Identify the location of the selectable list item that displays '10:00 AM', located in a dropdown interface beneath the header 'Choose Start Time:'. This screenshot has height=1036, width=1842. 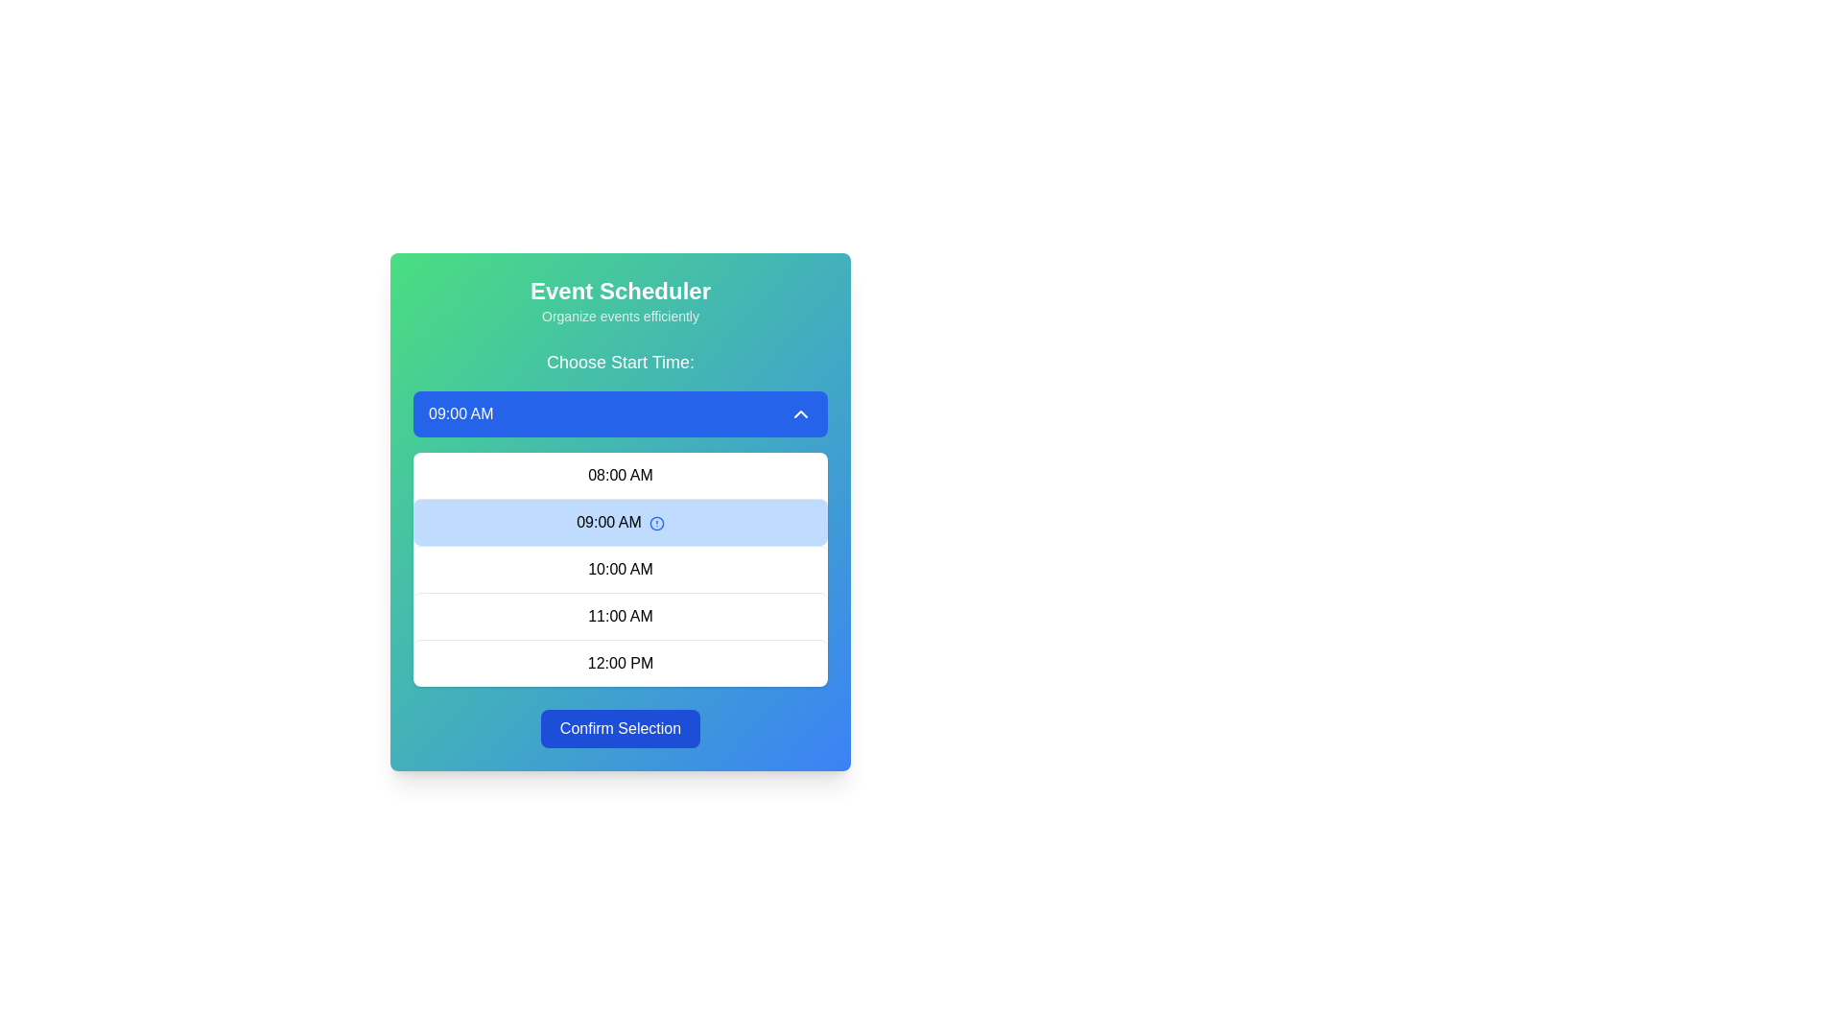
(621, 568).